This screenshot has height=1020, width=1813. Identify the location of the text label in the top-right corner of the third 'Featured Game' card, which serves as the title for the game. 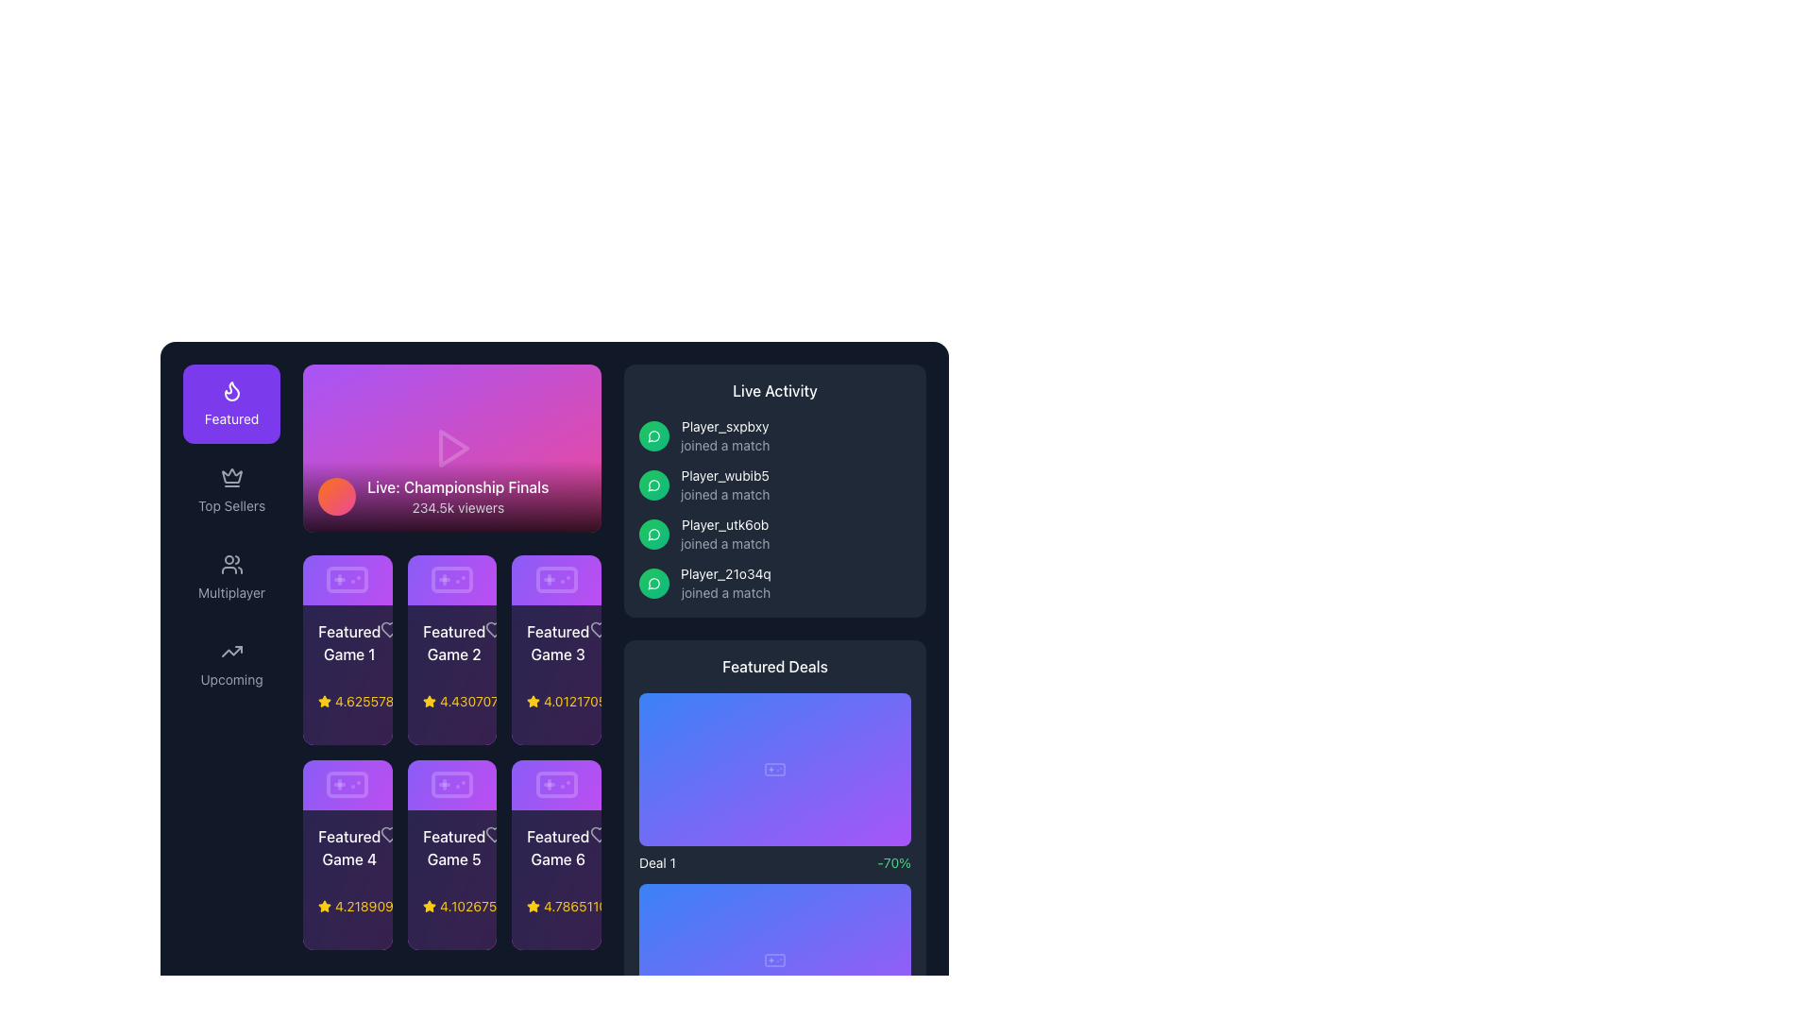
(555, 641).